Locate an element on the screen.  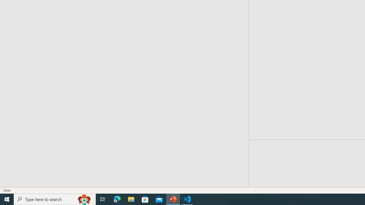
'Type here to search' is located at coordinates (55, 199).